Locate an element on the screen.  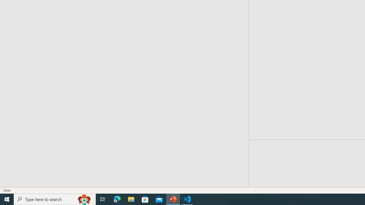
'Type here to search' is located at coordinates (55, 199).